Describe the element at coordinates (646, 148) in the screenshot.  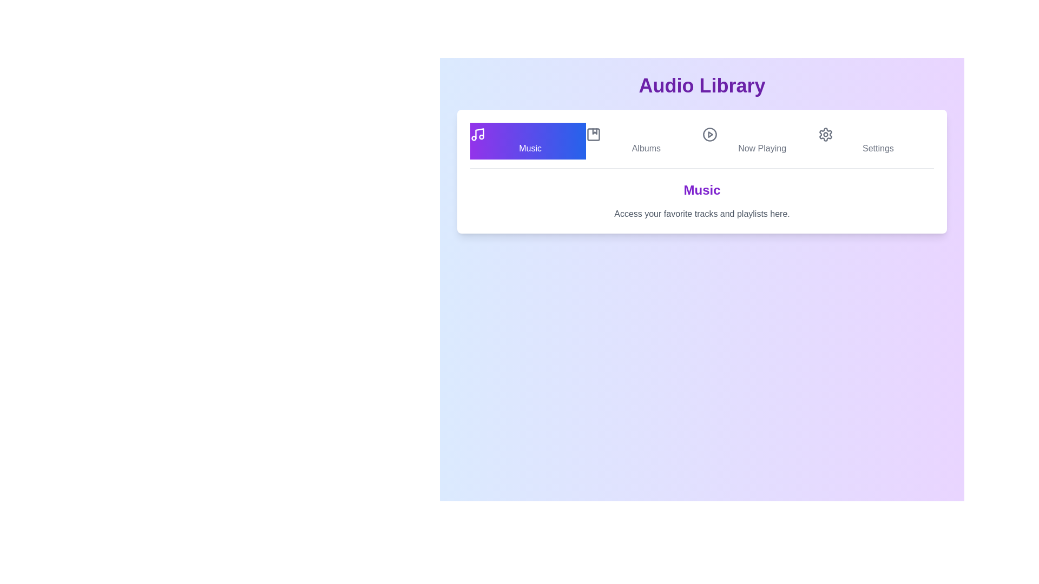
I see `the 'Albums' text label in the navigation bar` at that location.